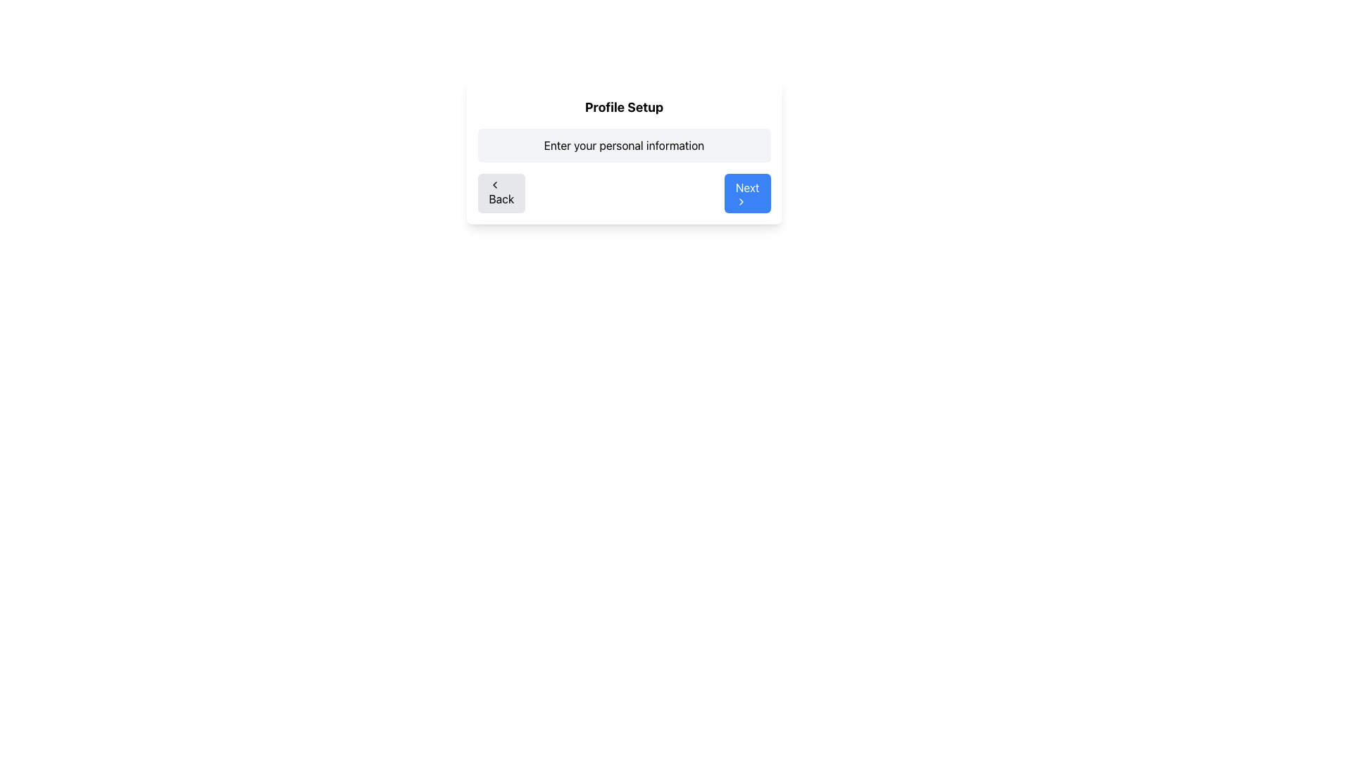 The image size is (1352, 760). What do you see at coordinates (623, 102) in the screenshot?
I see `text labeled 'Profile Setup' which is a bold header located at the top of the content card` at bounding box center [623, 102].